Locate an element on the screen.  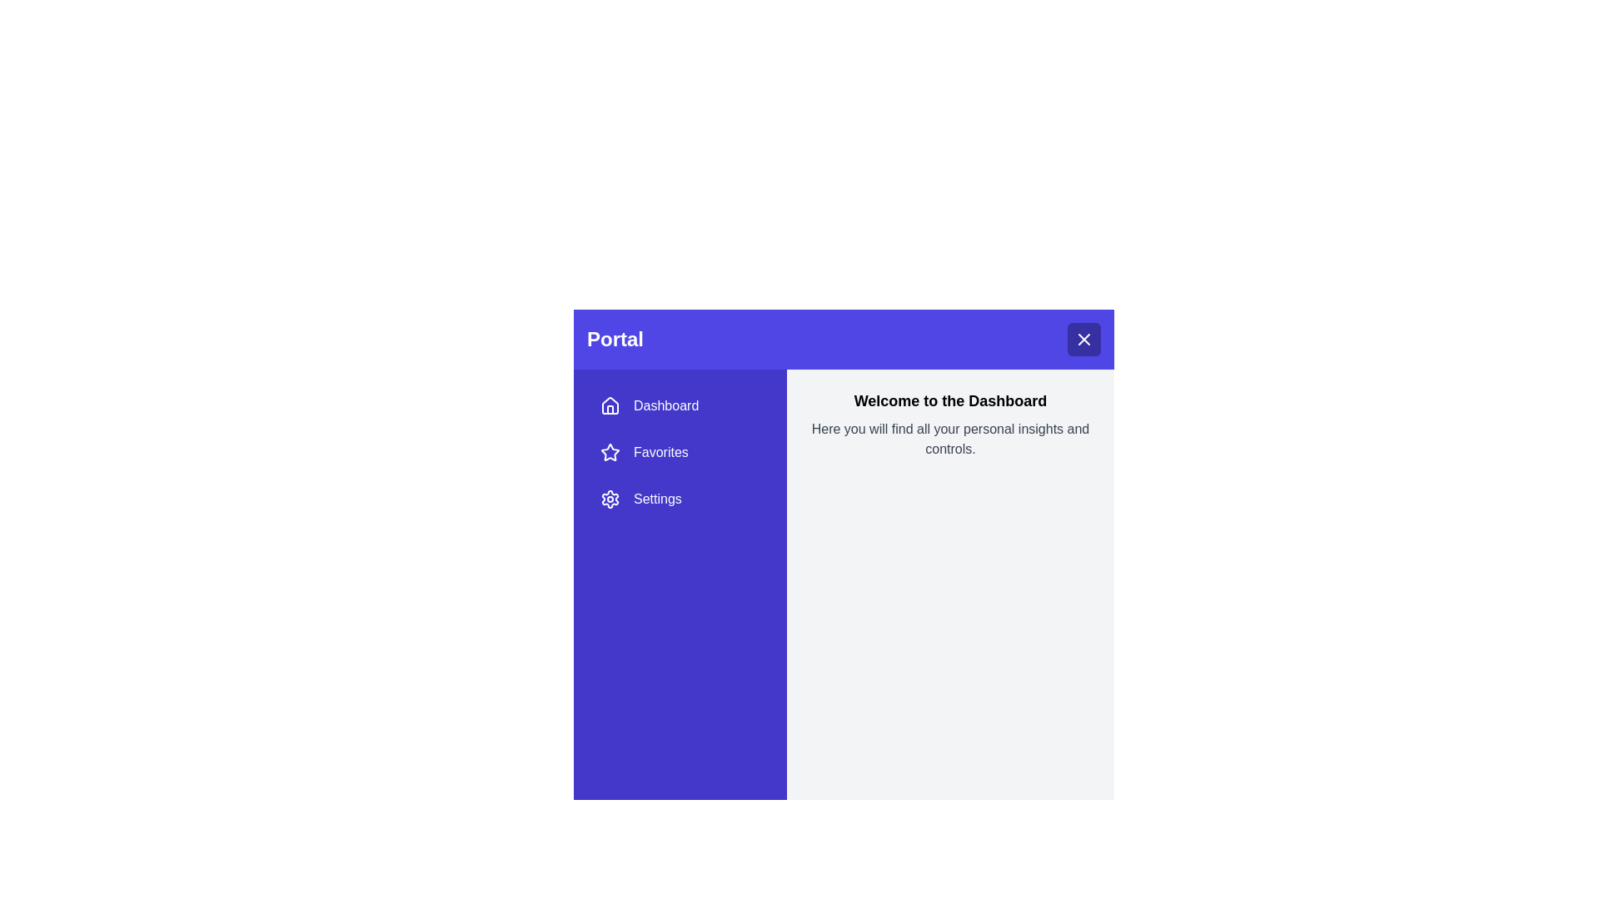
the vertical line of the house icon in the left navigation panel, which is aligned with the 'Dashboard' label is located at coordinates (610, 410).